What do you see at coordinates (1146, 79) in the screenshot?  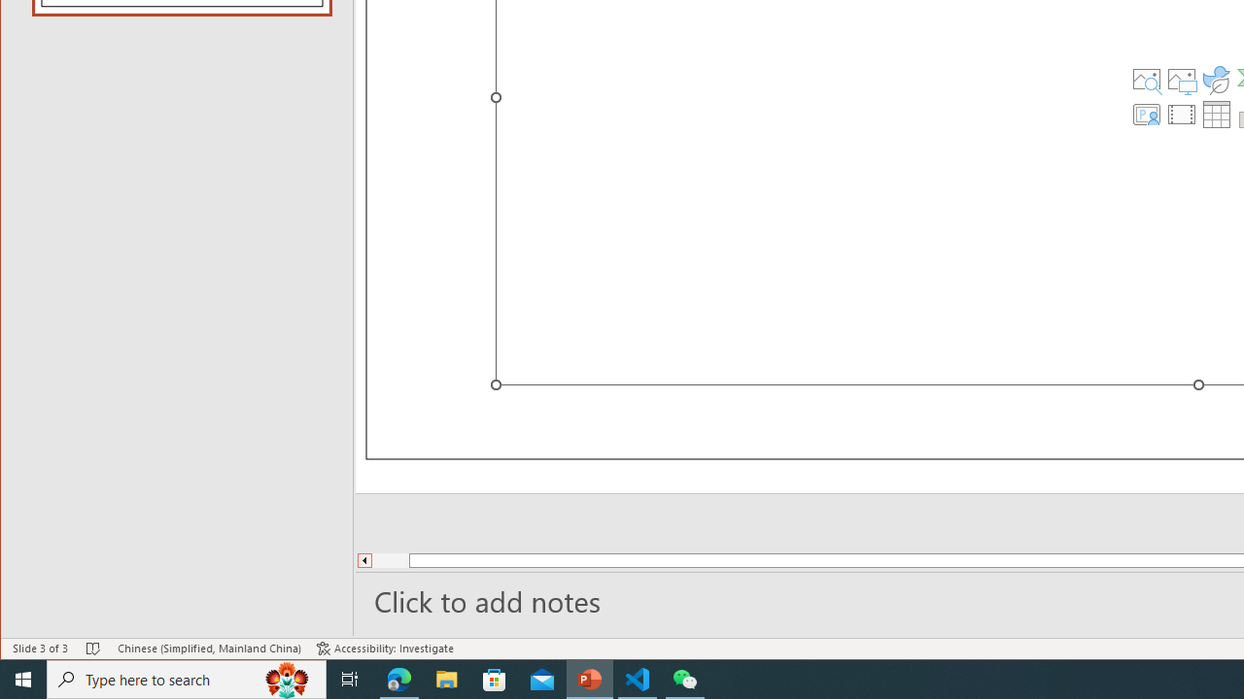 I see `'Stock Images'` at bounding box center [1146, 79].